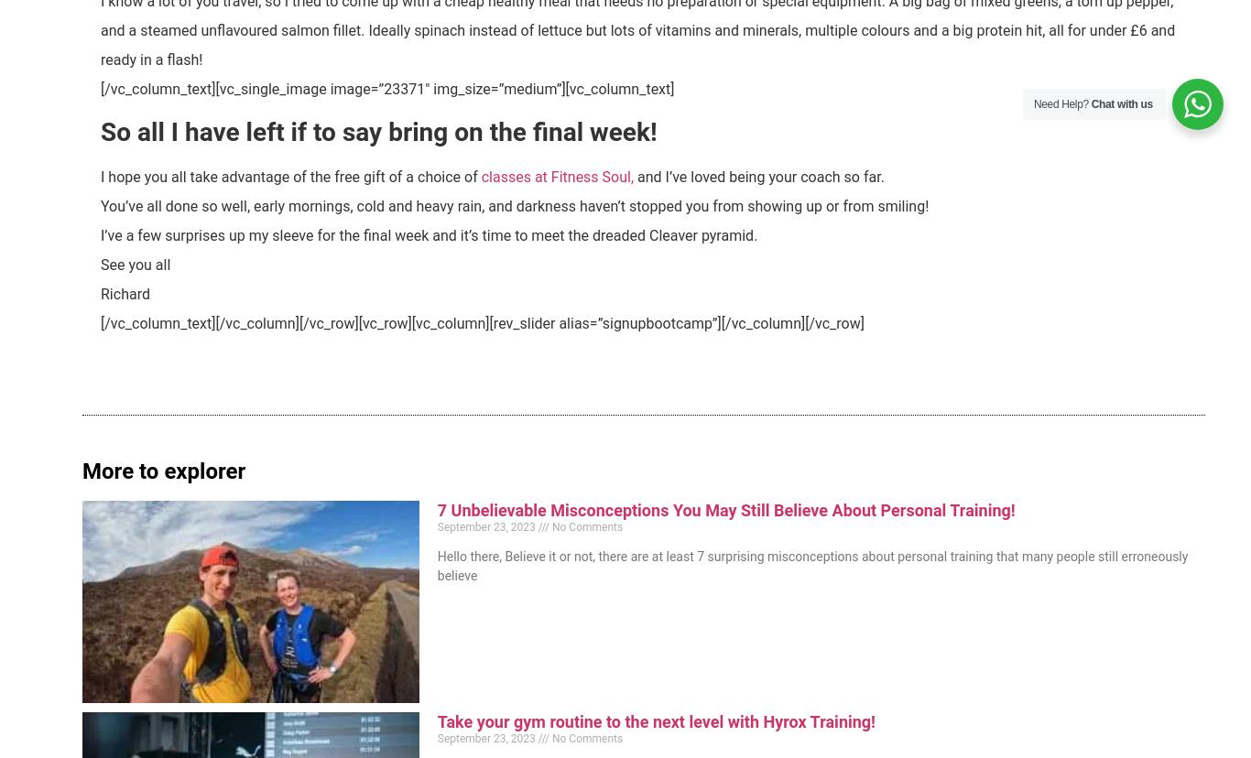  I want to click on 'So all I have left if to say bring on the final week!', so click(377, 132).